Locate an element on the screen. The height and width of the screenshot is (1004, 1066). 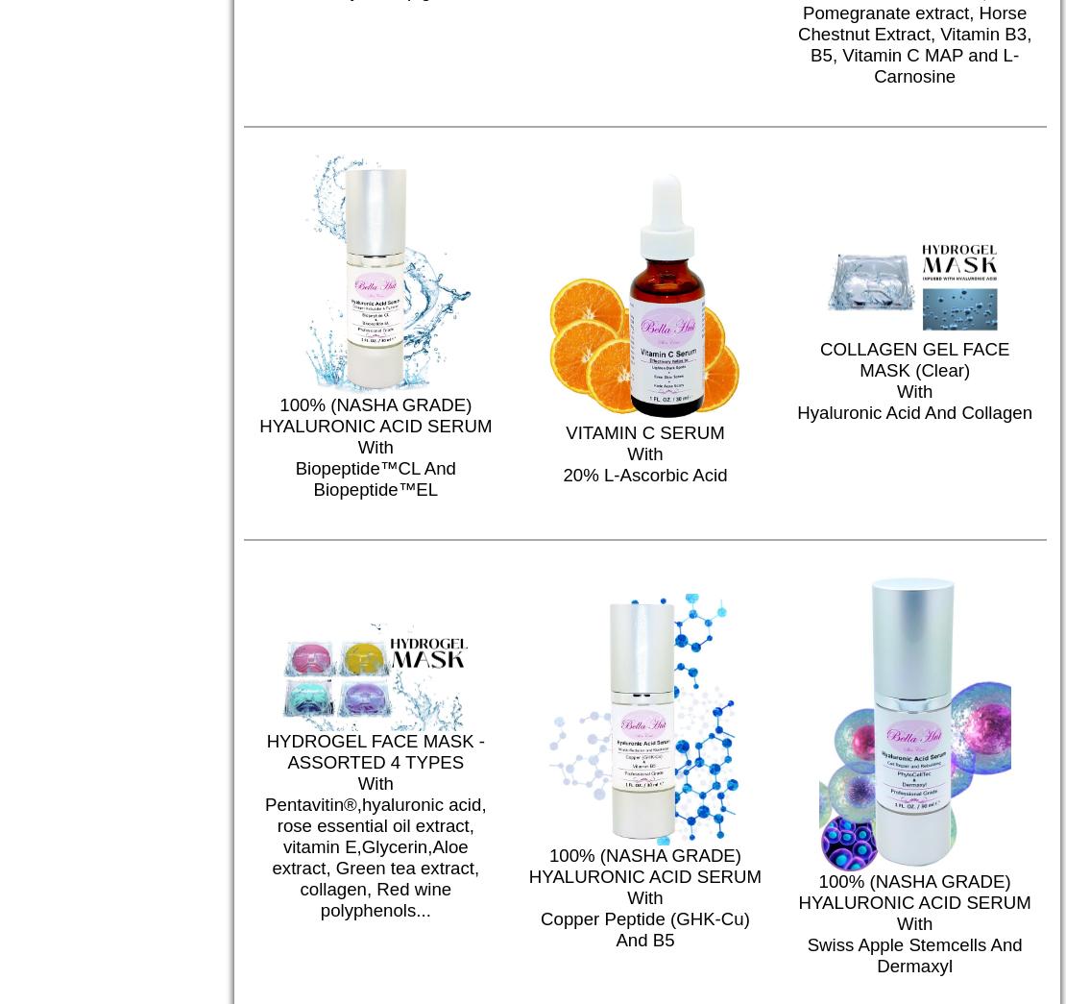
'I can feel the tightening when I apply it miracle cream' is located at coordinates (695, 477).